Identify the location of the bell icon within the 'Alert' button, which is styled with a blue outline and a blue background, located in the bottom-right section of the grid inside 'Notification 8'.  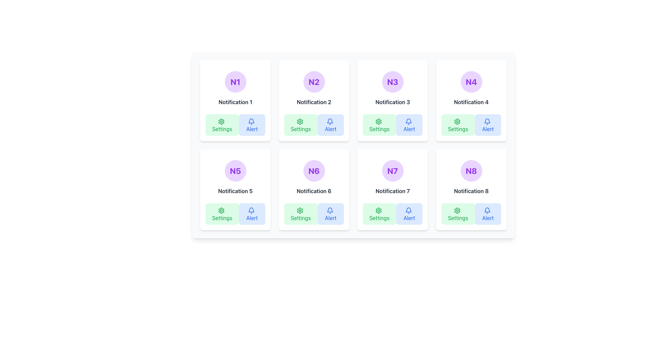
(487, 210).